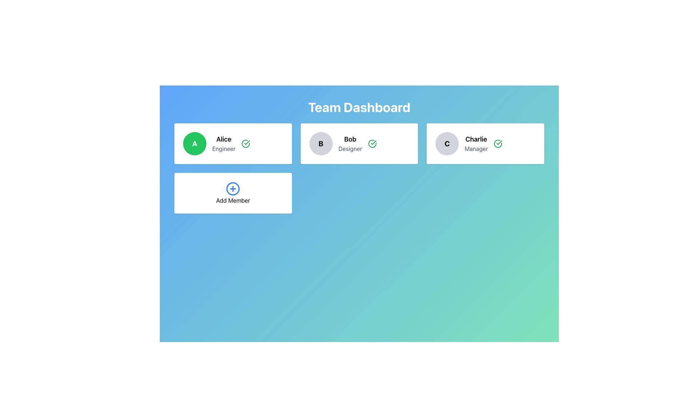  Describe the element at coordinates (485, 143) in the screenshot. I see `user profile card for 'Charlie', which displays a circular icon with the initial 'C', the name 'Charlie' in bold text, and their role 'Manager' below it, along with a green checkmark icon indicating verified status` at that location.